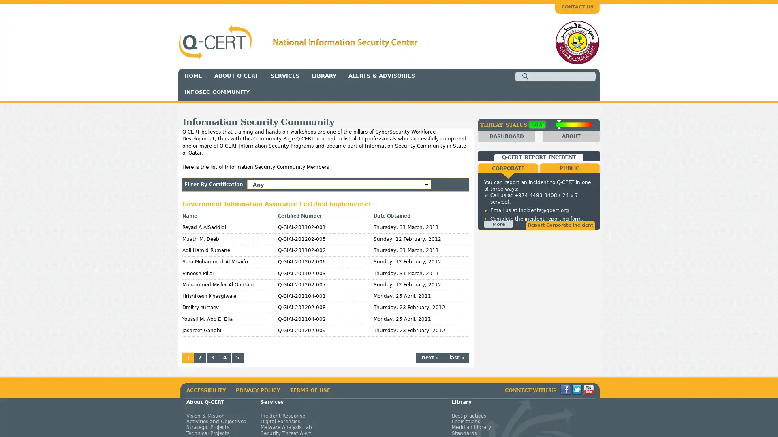 The image size is (778, 437). I want to click on Search, so click(525, 76).